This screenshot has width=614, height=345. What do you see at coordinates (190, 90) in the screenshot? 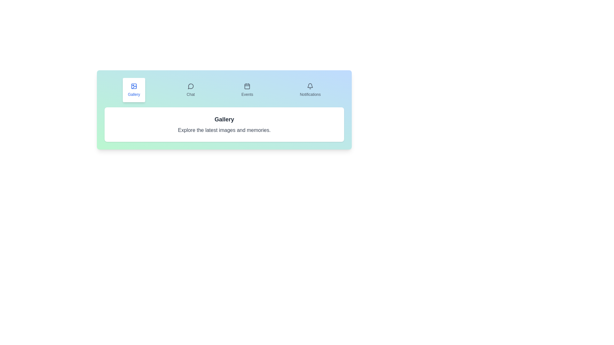
I see `the Chat tab to display its content` at bounding box center [190, 90].